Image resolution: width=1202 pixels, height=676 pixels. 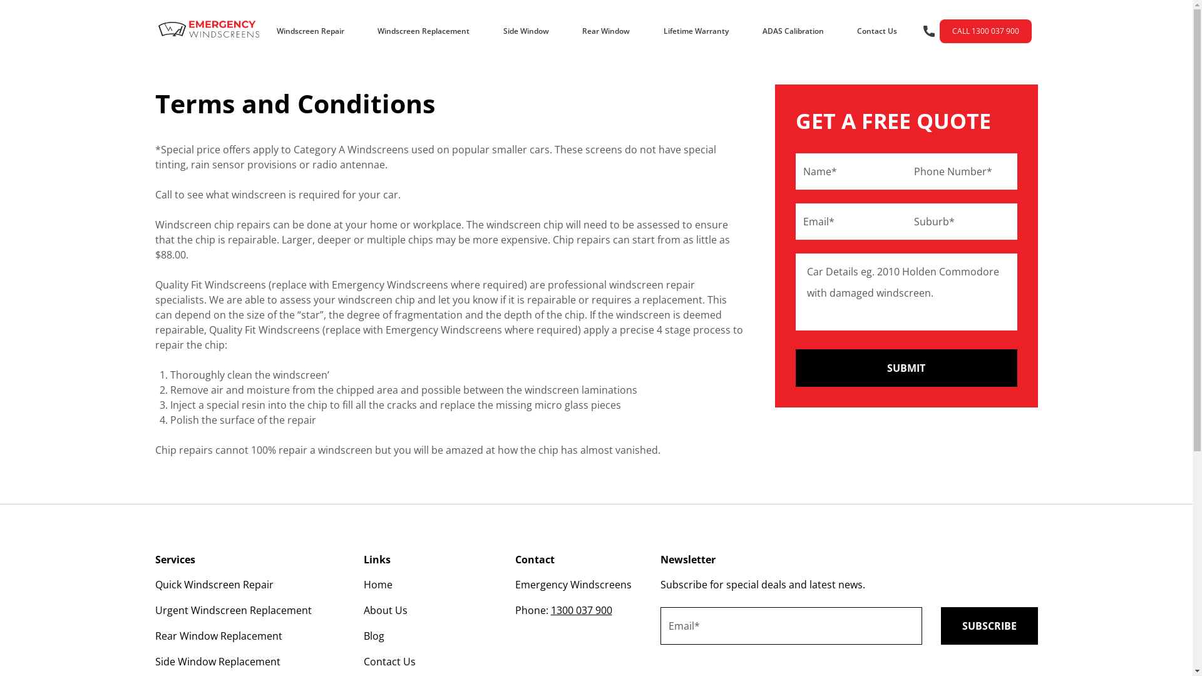 What do you see at coordinates (362, 636) in the screenshot?
I see `'Blog'` at bounding box center [362, 636].